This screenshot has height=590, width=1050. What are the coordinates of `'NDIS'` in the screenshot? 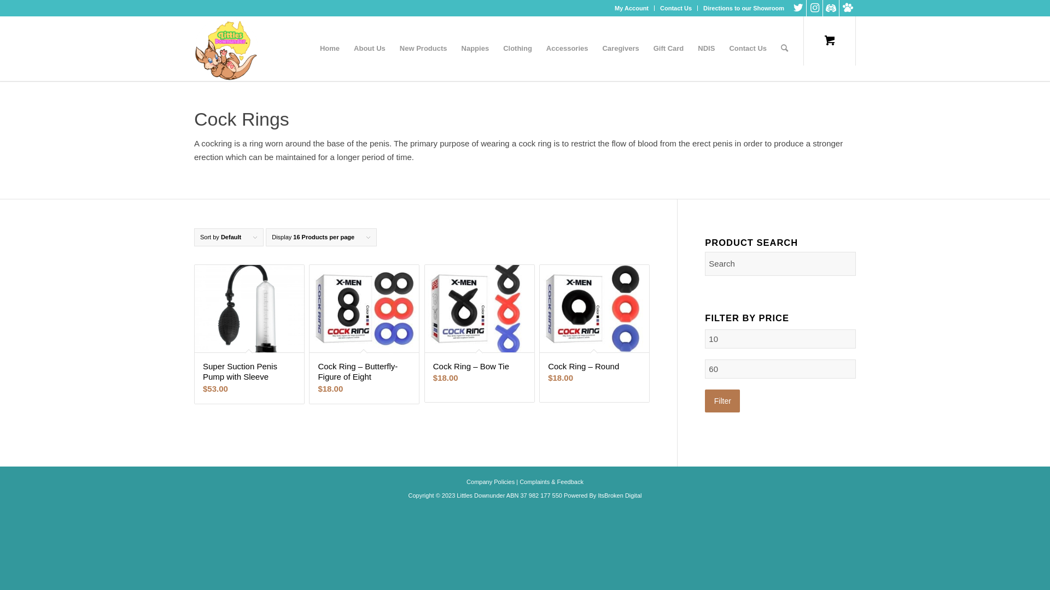 It's located at (706, 48).